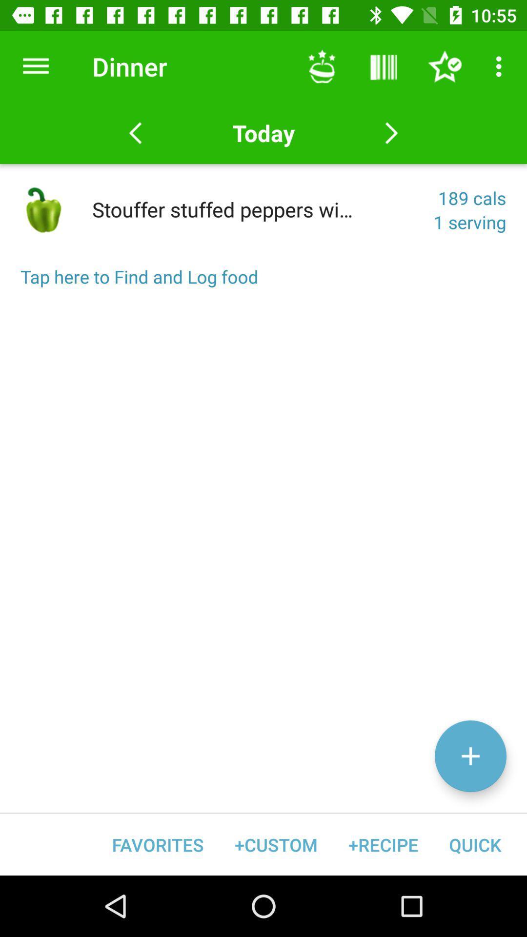  I want to click on icon to the left of the +recipe icon, so click(276, 844).